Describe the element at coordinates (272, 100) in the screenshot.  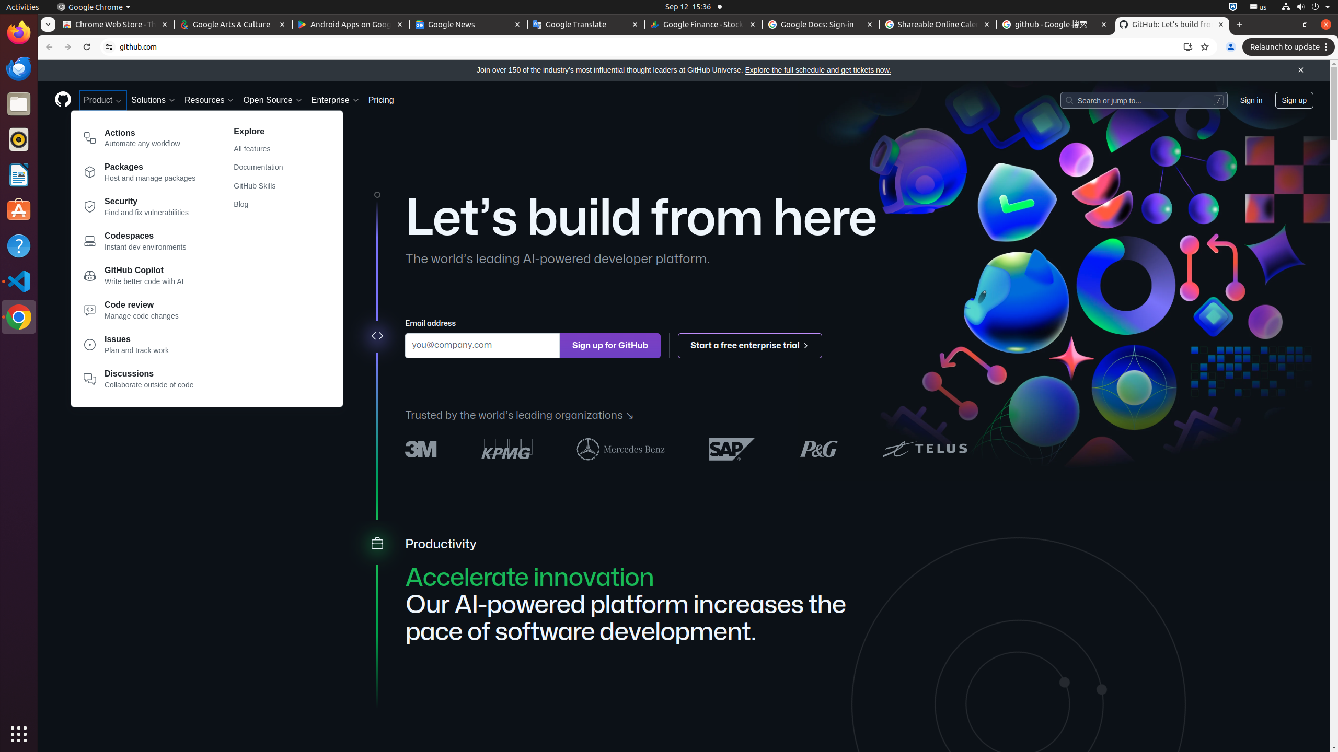
I see `'Open Source'` at that location.